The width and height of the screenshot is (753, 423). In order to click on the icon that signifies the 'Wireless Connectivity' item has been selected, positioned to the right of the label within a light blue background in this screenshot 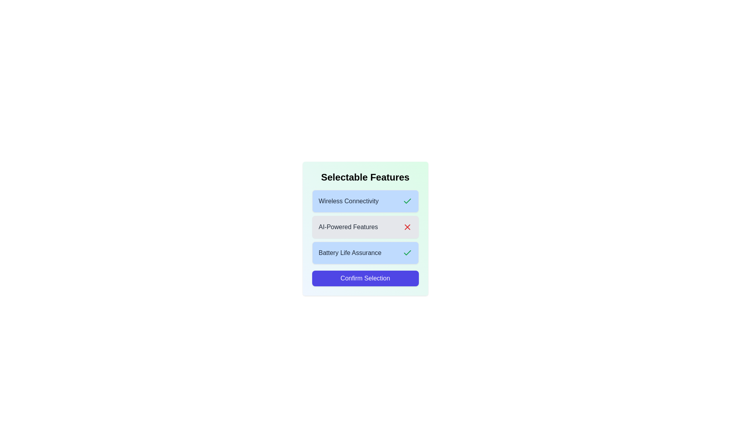, I will do `click(407, 201)`.